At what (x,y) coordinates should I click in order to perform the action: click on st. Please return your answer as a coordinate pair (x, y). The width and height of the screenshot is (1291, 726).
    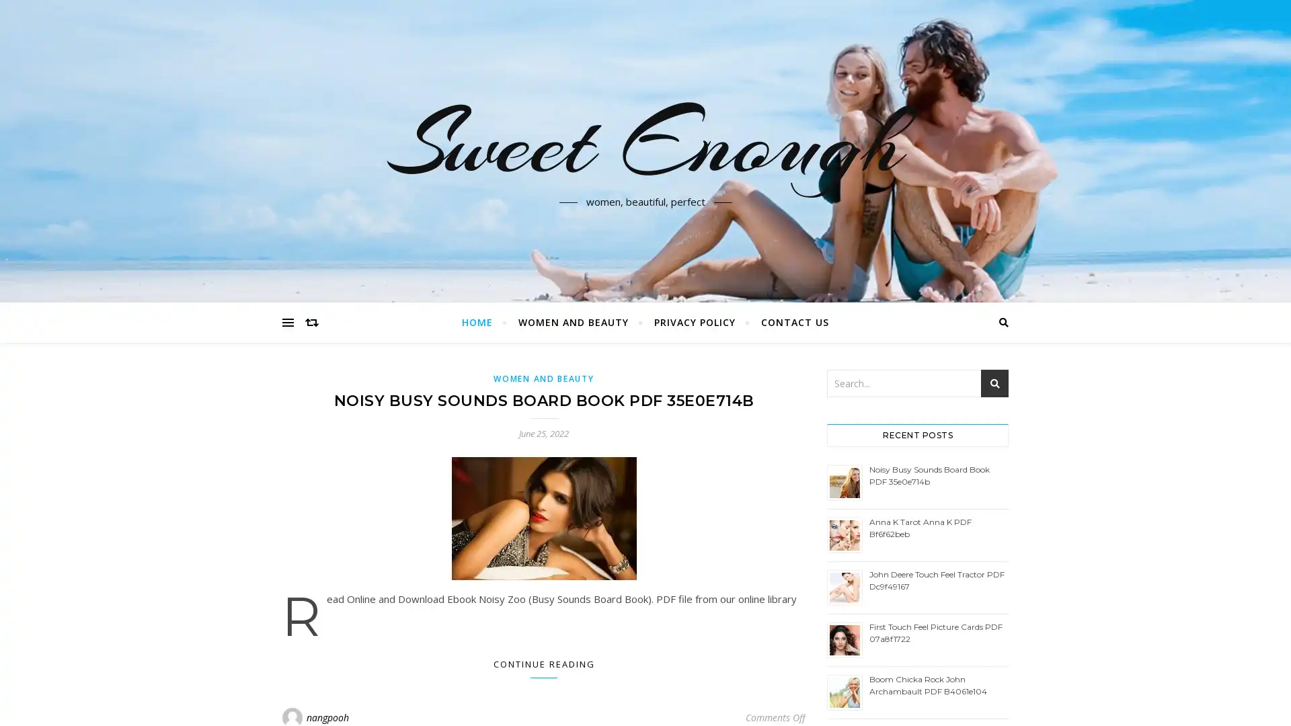
    Looking at the image, I should click on (994, 383).